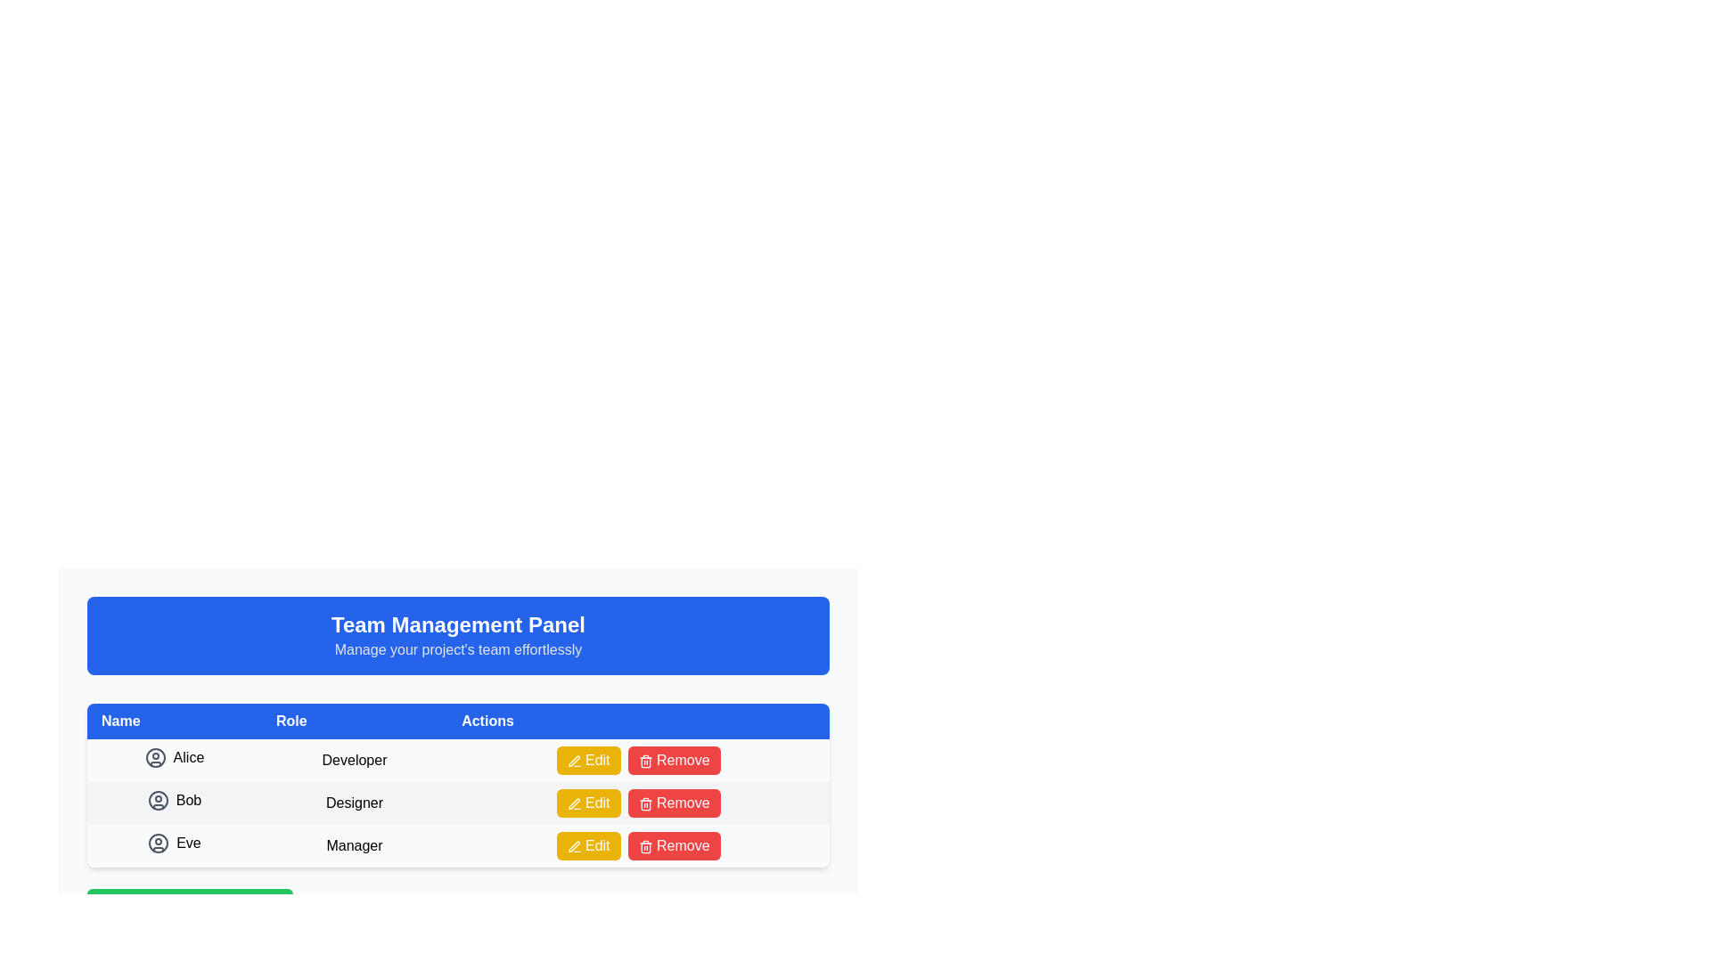 This screenshot has width=1711, height=962. I want to click on the 'Remove' icon, which is an SVG graphic embedded within the 'Remove' button located in the 'Actions' column of the user roles management table, so click(644, 761).